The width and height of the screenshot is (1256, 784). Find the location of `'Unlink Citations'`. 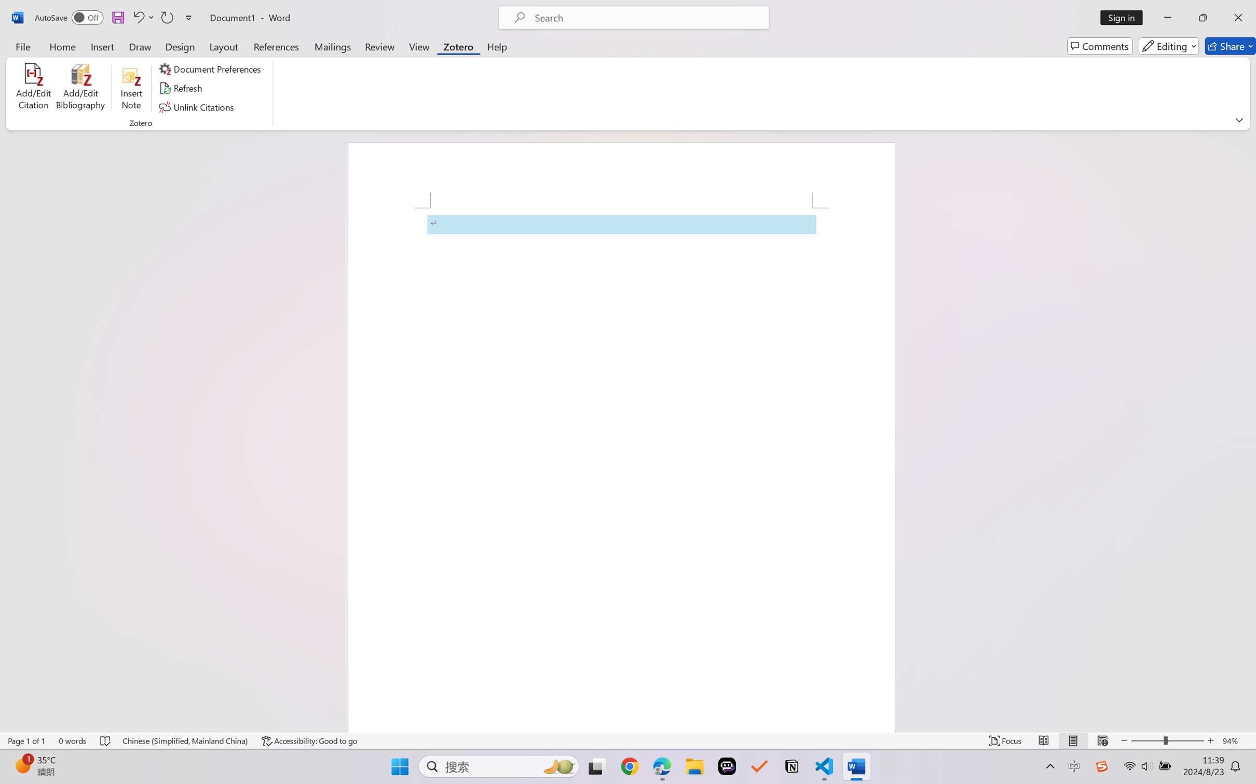

'Unlink Citations' is located at coordinates (197, 107).